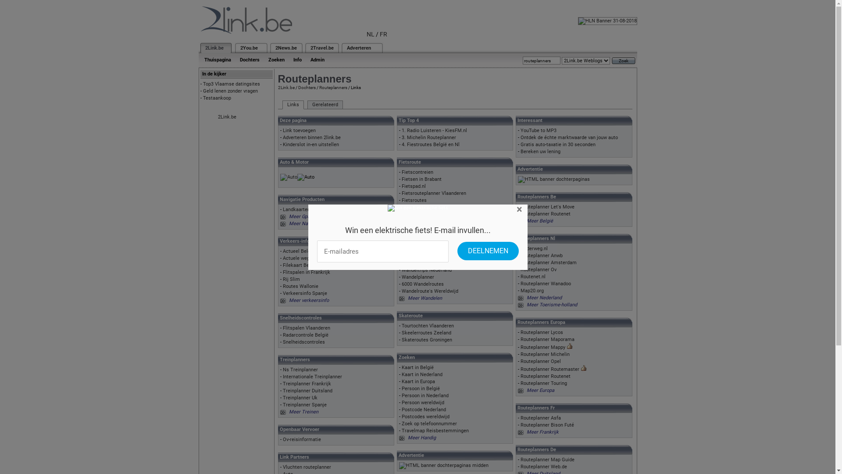 The height and width of the screenshot is (474, 842). Describe the element at coordinates (532, 291) in the screenshot. I see `'Map20.org'` at that location.